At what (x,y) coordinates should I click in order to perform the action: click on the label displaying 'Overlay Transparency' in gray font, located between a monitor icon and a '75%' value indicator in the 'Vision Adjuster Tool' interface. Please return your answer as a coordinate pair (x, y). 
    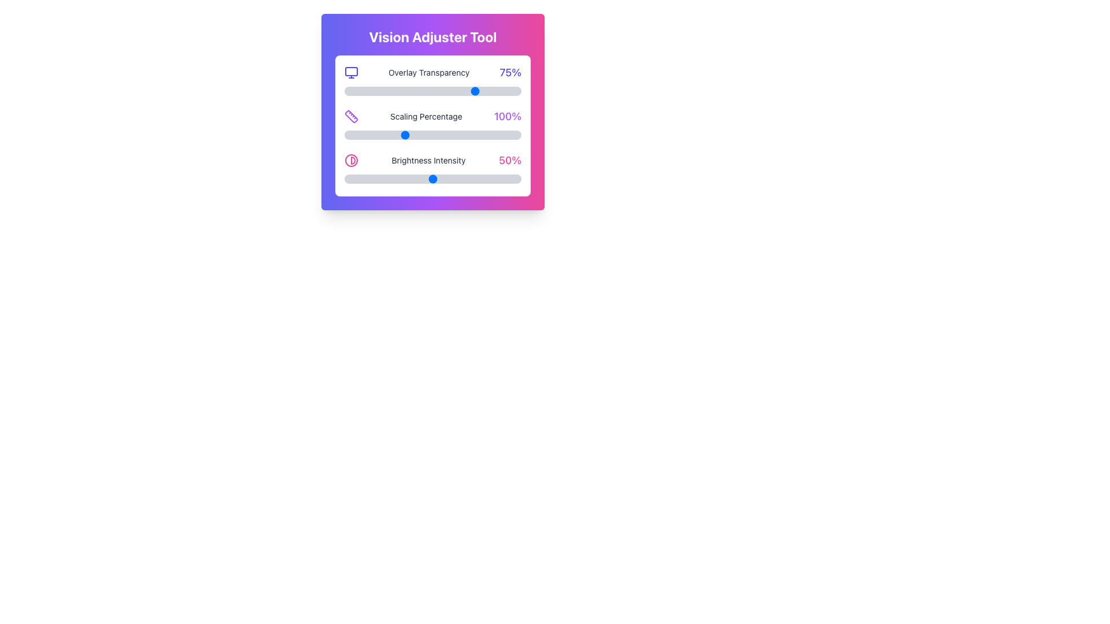
    Looking at the image, I should click on (428, 73).